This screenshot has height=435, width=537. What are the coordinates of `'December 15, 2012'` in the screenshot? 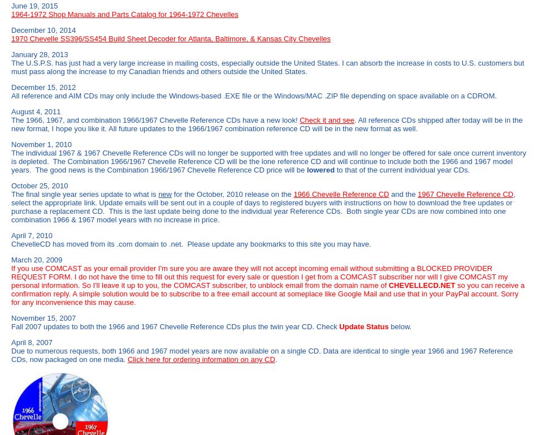 It's located at (44, 87).